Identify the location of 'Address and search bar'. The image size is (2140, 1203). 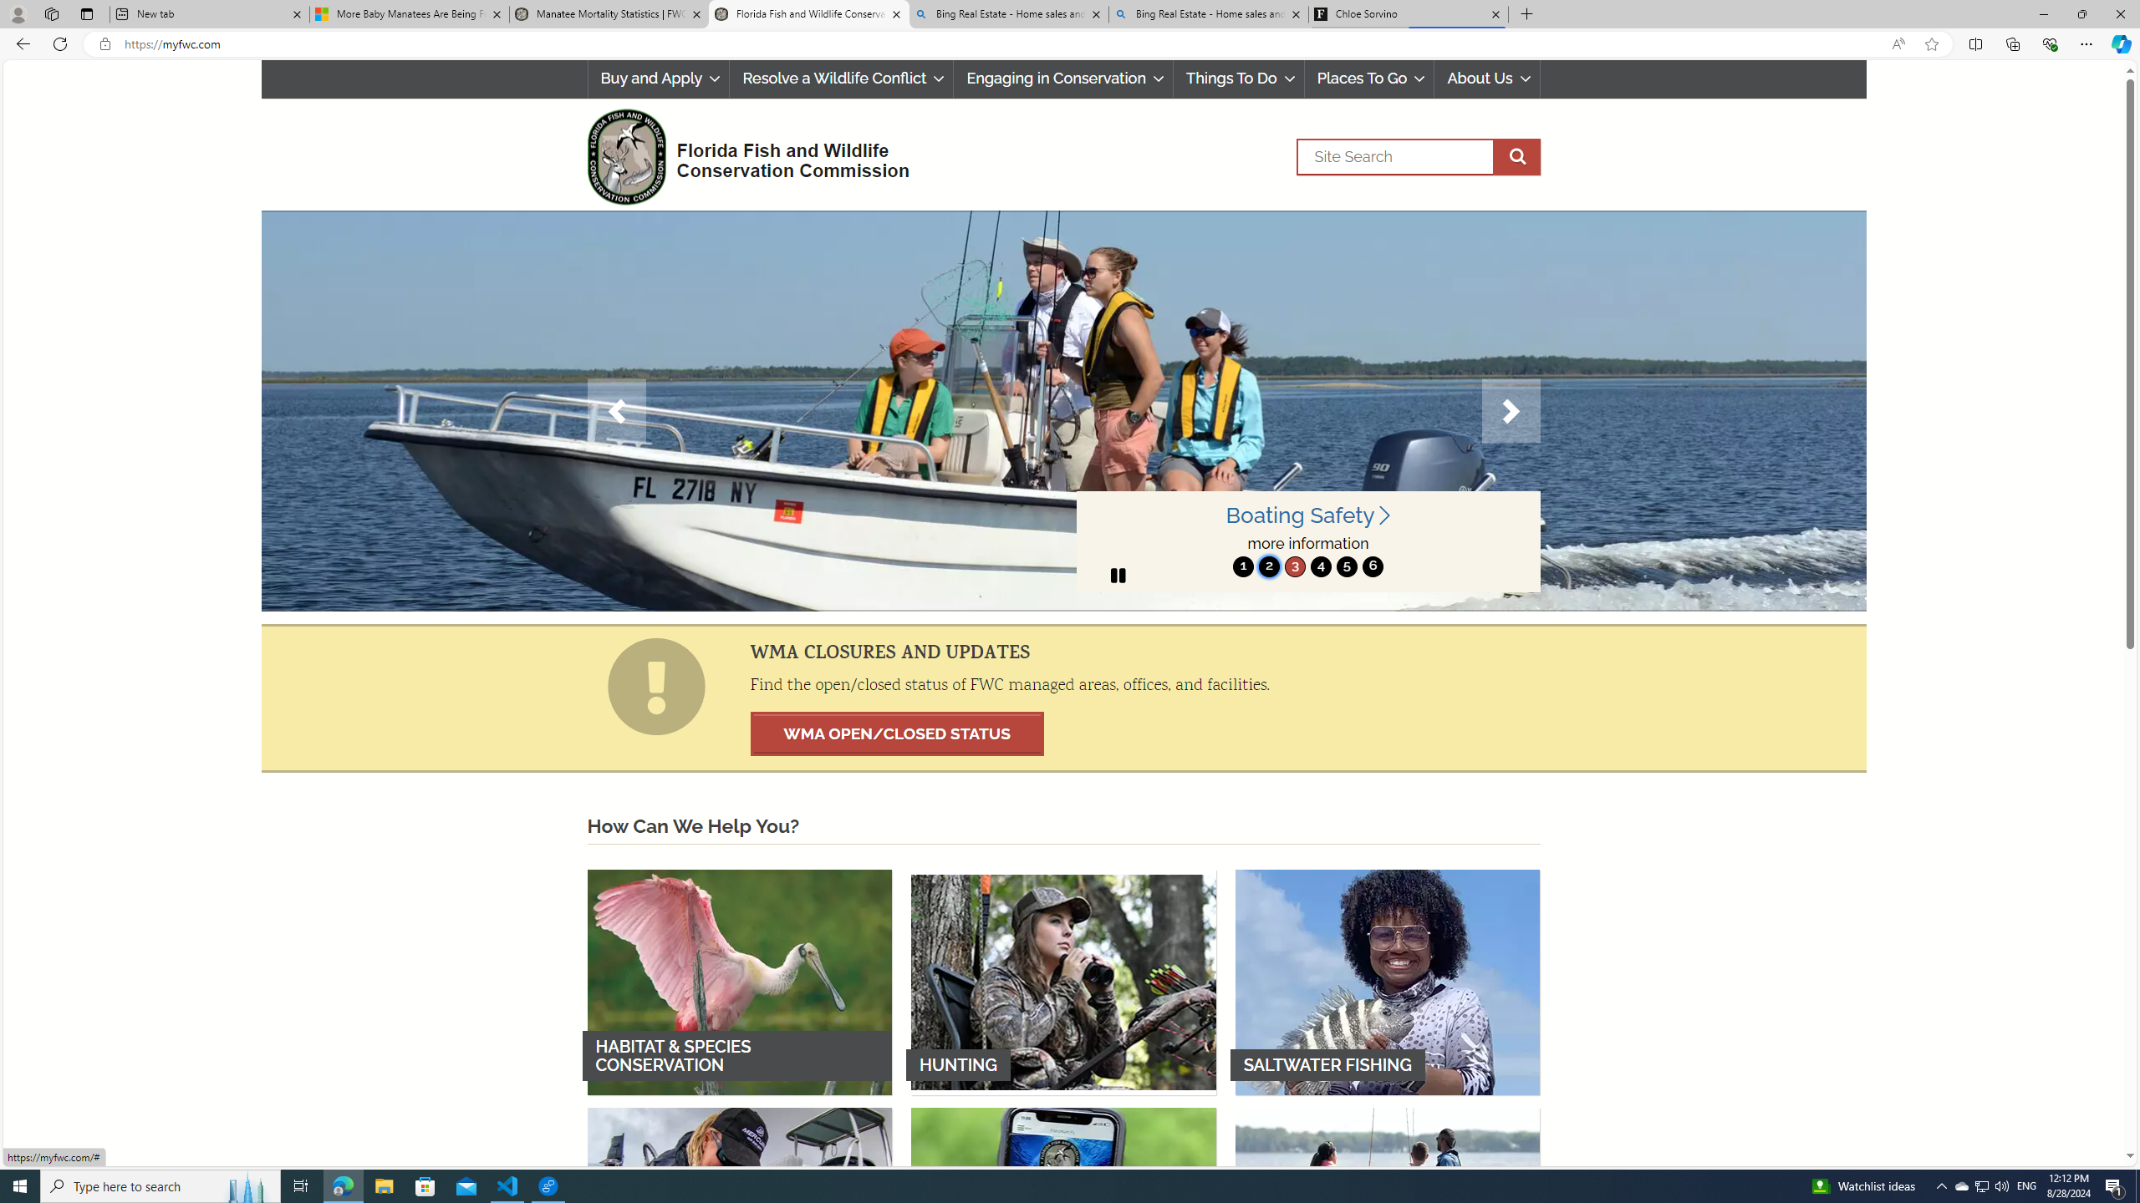
(1001, 44).